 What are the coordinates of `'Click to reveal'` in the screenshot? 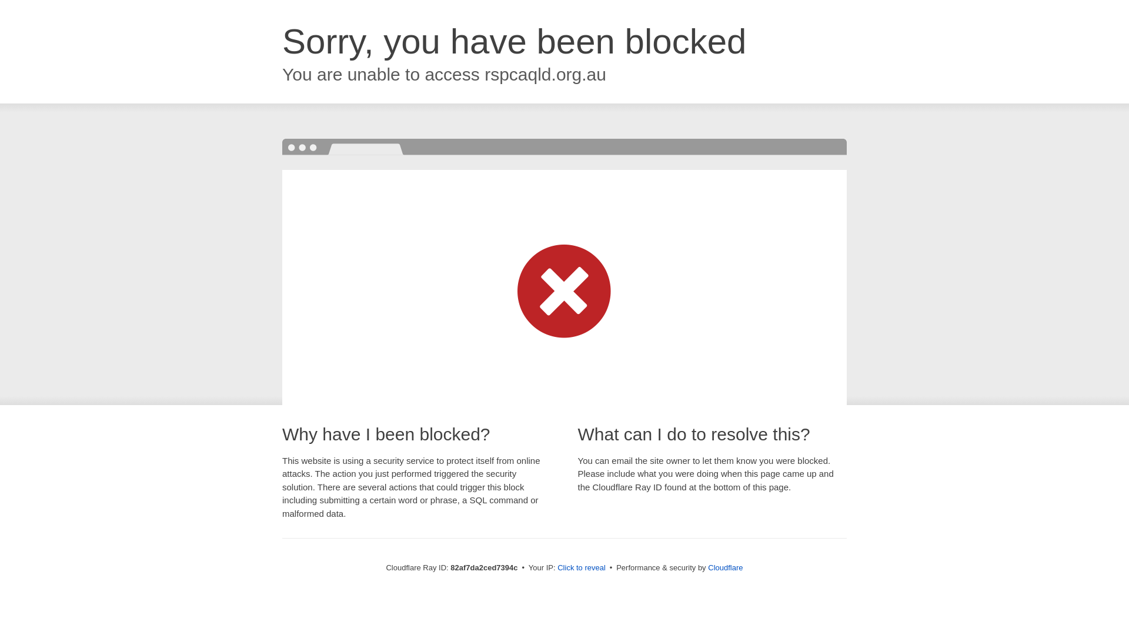 It's located at (581, 567).